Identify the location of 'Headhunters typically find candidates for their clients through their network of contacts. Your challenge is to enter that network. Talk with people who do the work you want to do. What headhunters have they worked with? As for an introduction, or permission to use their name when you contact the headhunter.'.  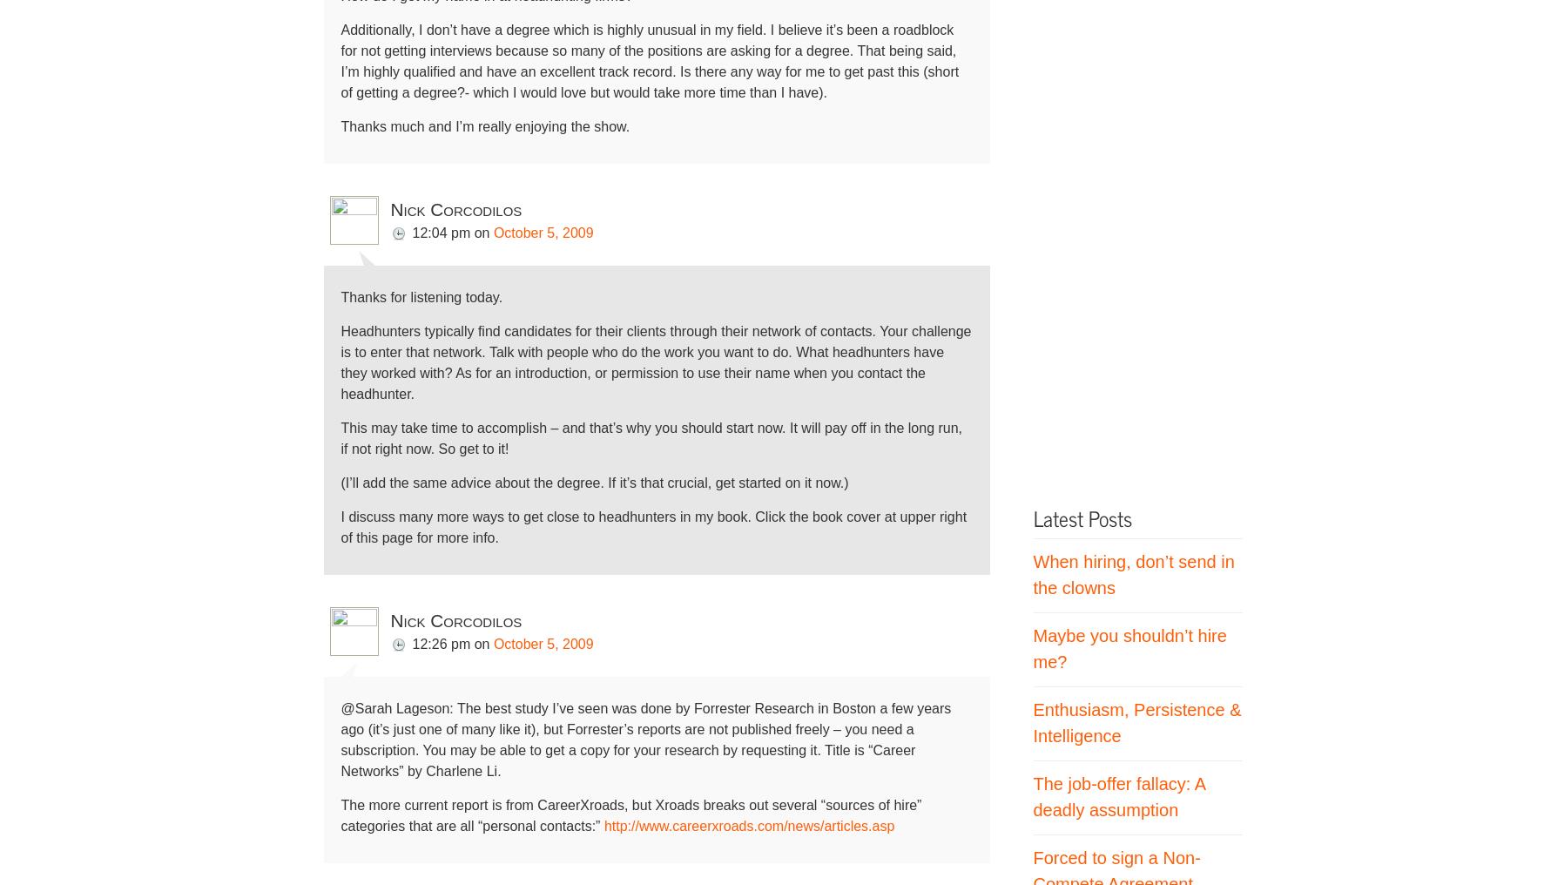
(655, 361).